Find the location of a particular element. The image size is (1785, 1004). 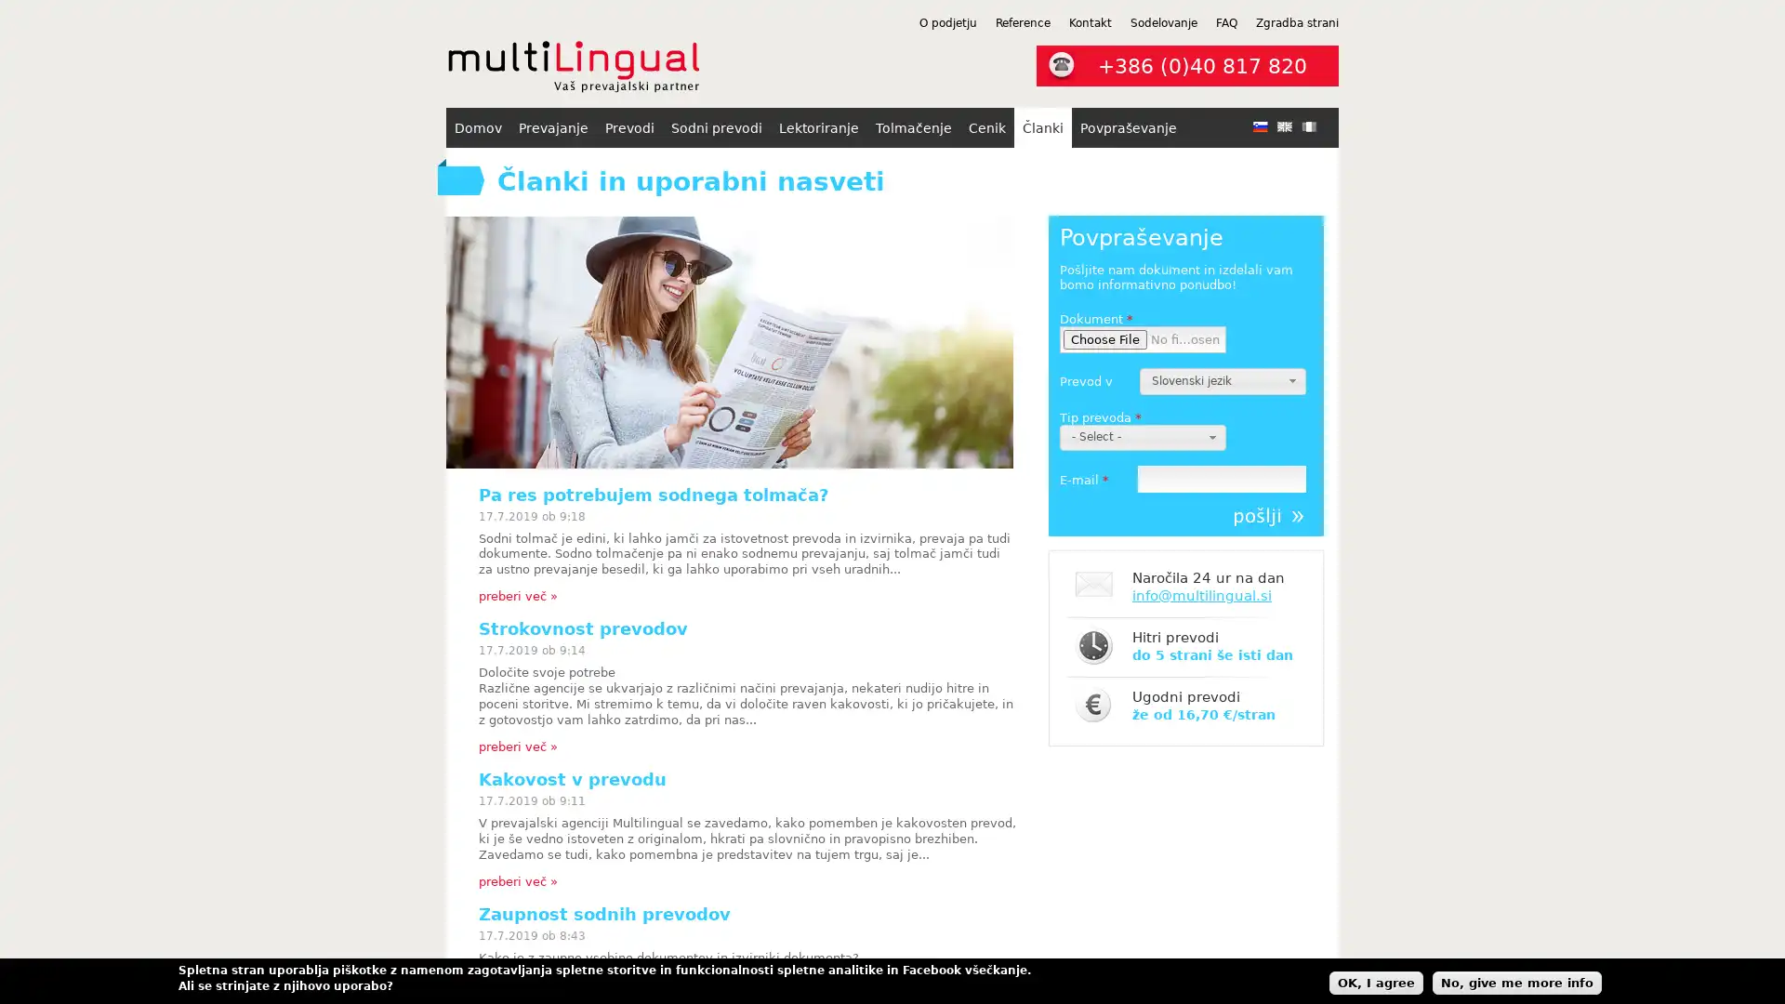

OK, I agree is located at coordinates (1376, 981).